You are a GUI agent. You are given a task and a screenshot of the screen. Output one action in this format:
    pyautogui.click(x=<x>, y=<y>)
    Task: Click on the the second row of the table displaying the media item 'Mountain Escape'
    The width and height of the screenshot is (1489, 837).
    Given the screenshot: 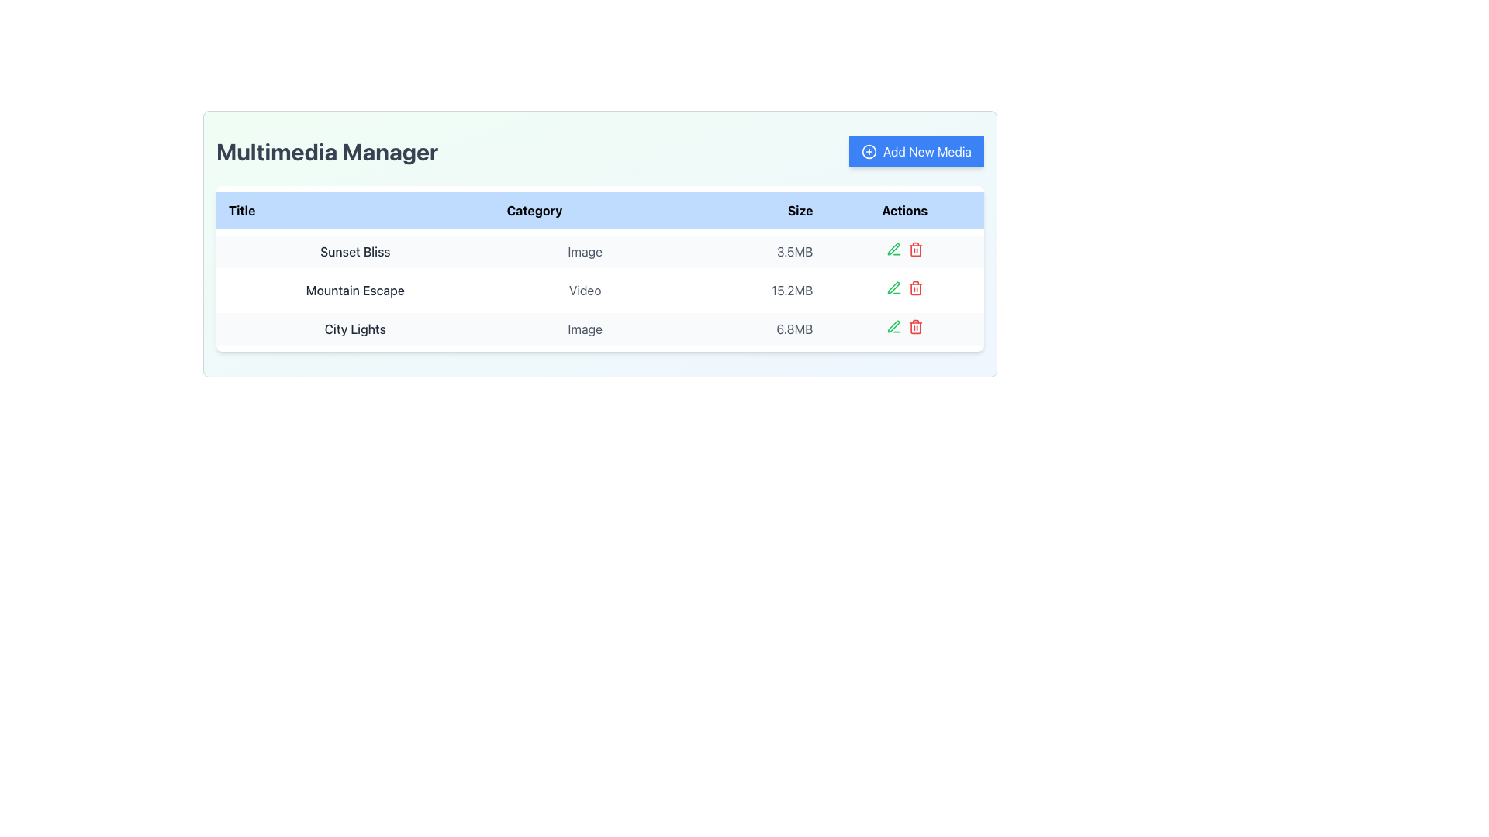 What is the action you would take?
    pyautogui.click(x=599, y=290)
    